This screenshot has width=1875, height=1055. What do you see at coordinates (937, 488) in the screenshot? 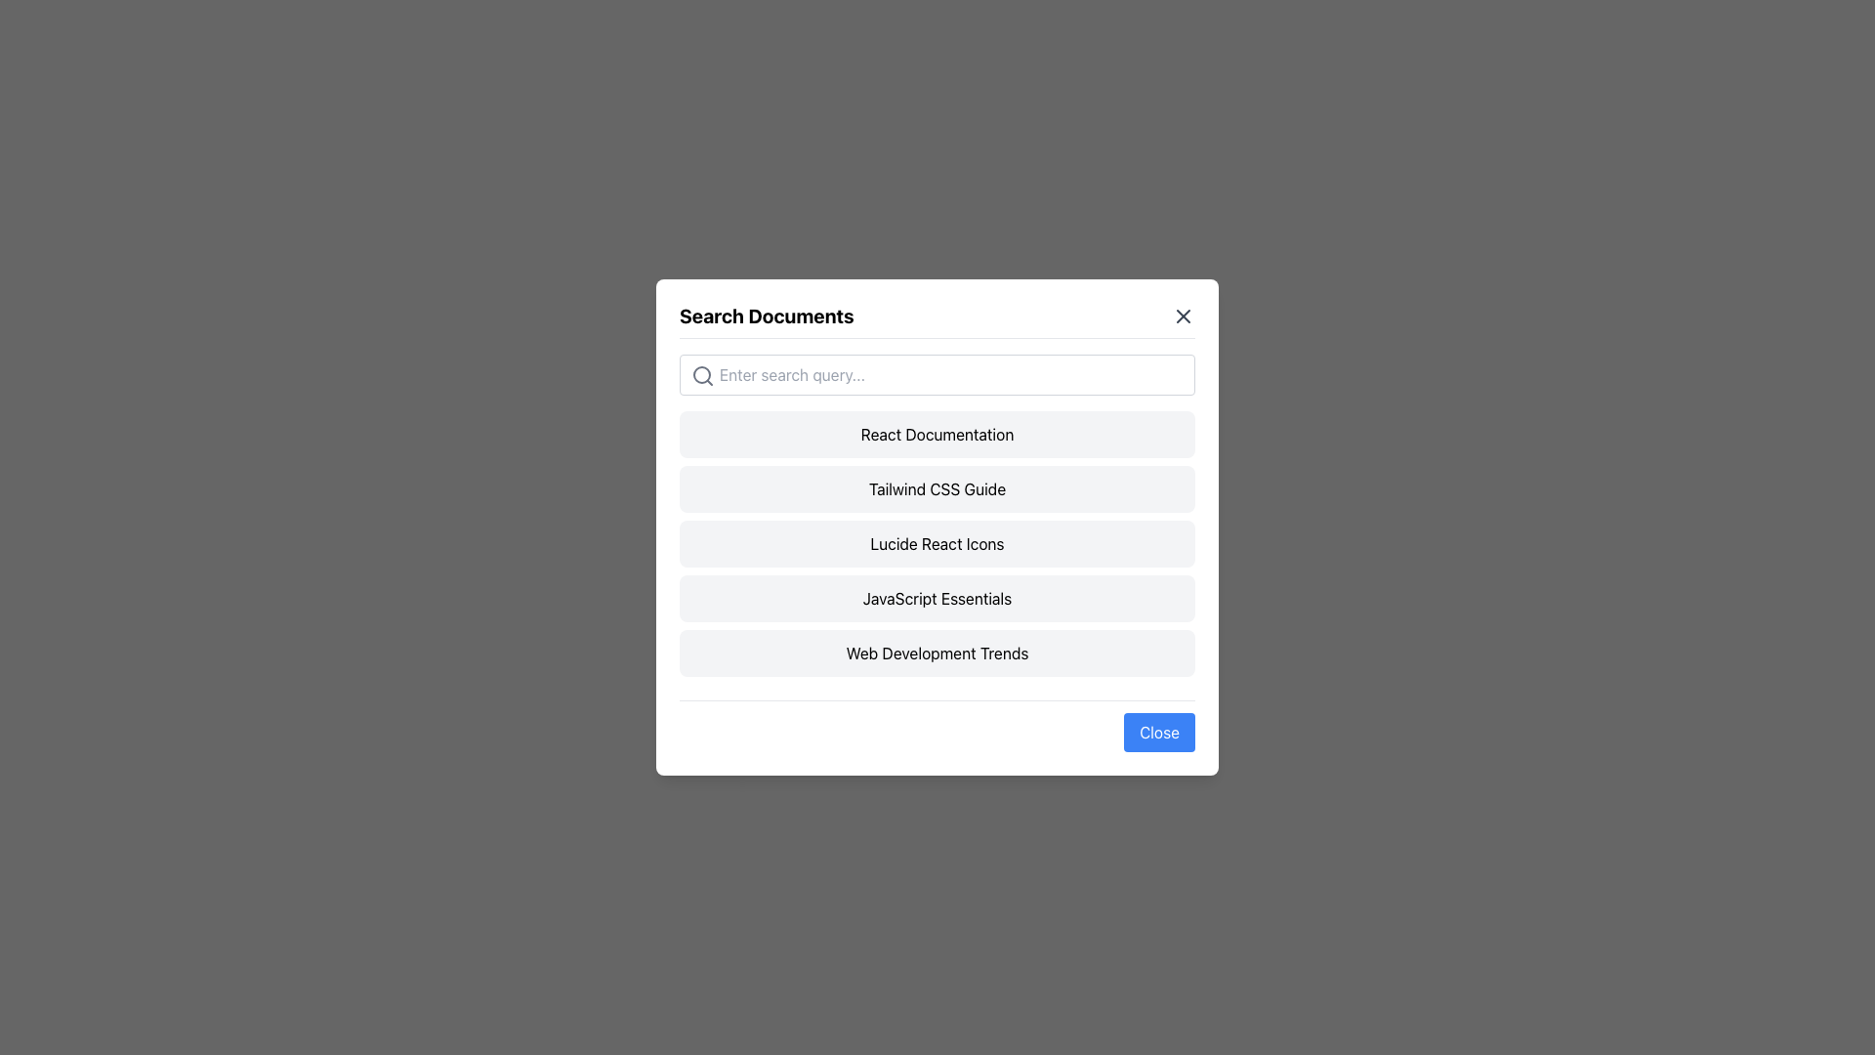
I see `the 'Tailwind CSS Guide' button located in the modal titled 'Search Documents', which is styled with a light gray background and changes to light blue on hover` at bounding box center [937, 488].